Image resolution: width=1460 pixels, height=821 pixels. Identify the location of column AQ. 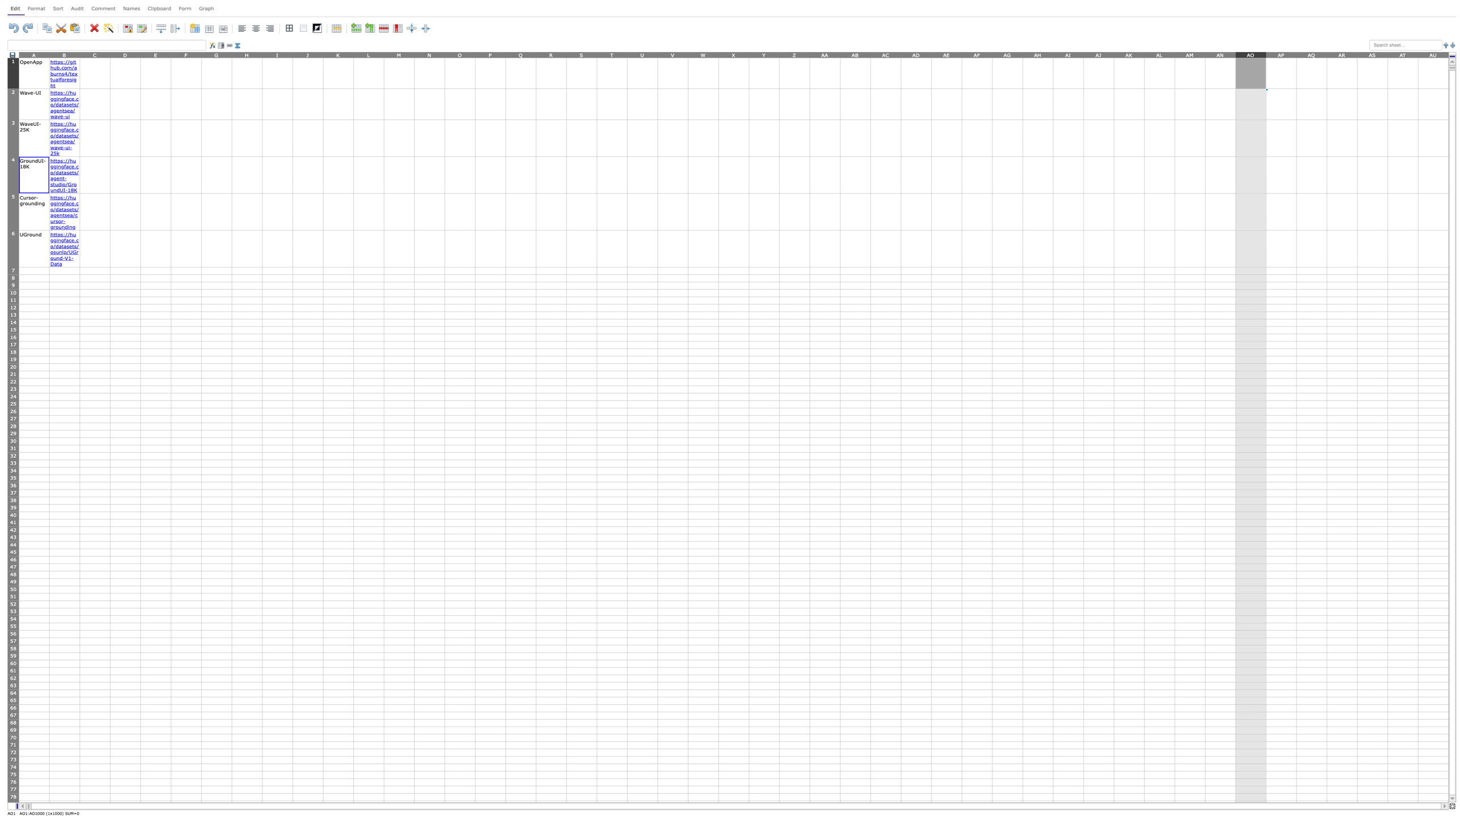
(1311, 54).